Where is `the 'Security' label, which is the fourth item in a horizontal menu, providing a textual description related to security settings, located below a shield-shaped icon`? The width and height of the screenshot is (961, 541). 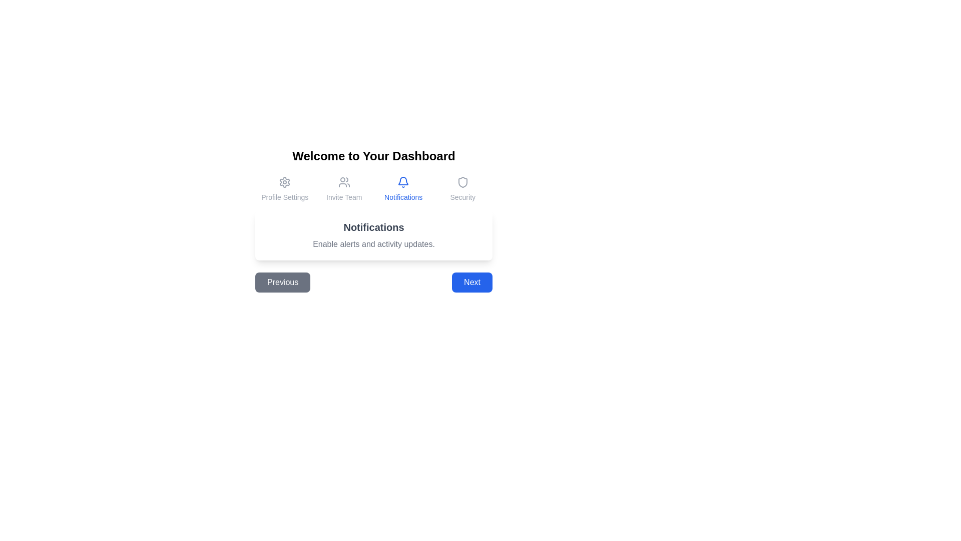
the 'Security' label, which is the fourth item in a horizontal menu, providing a textual description related to security settings, located below a shield-shaped icon is located at coordinates (462, 197).